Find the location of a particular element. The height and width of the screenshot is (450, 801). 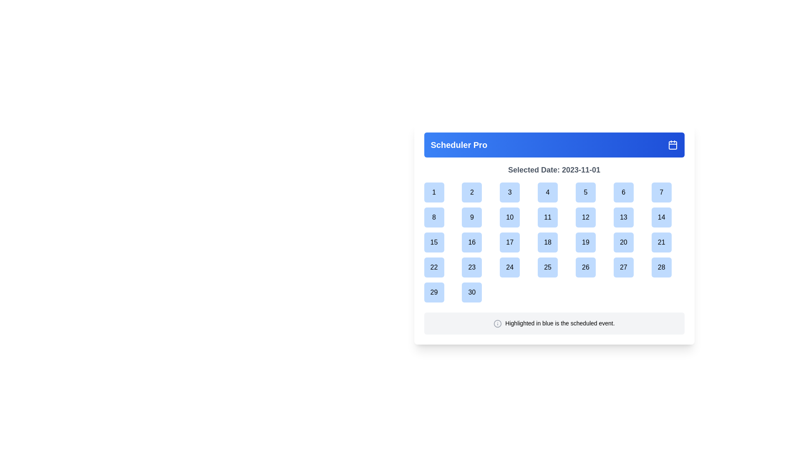

the tooltip element with gray text saying 'No Event' that appears below the calendar item labeled '27', located in the last row and fourth column of the calendar is located at coordinates (631, 259).